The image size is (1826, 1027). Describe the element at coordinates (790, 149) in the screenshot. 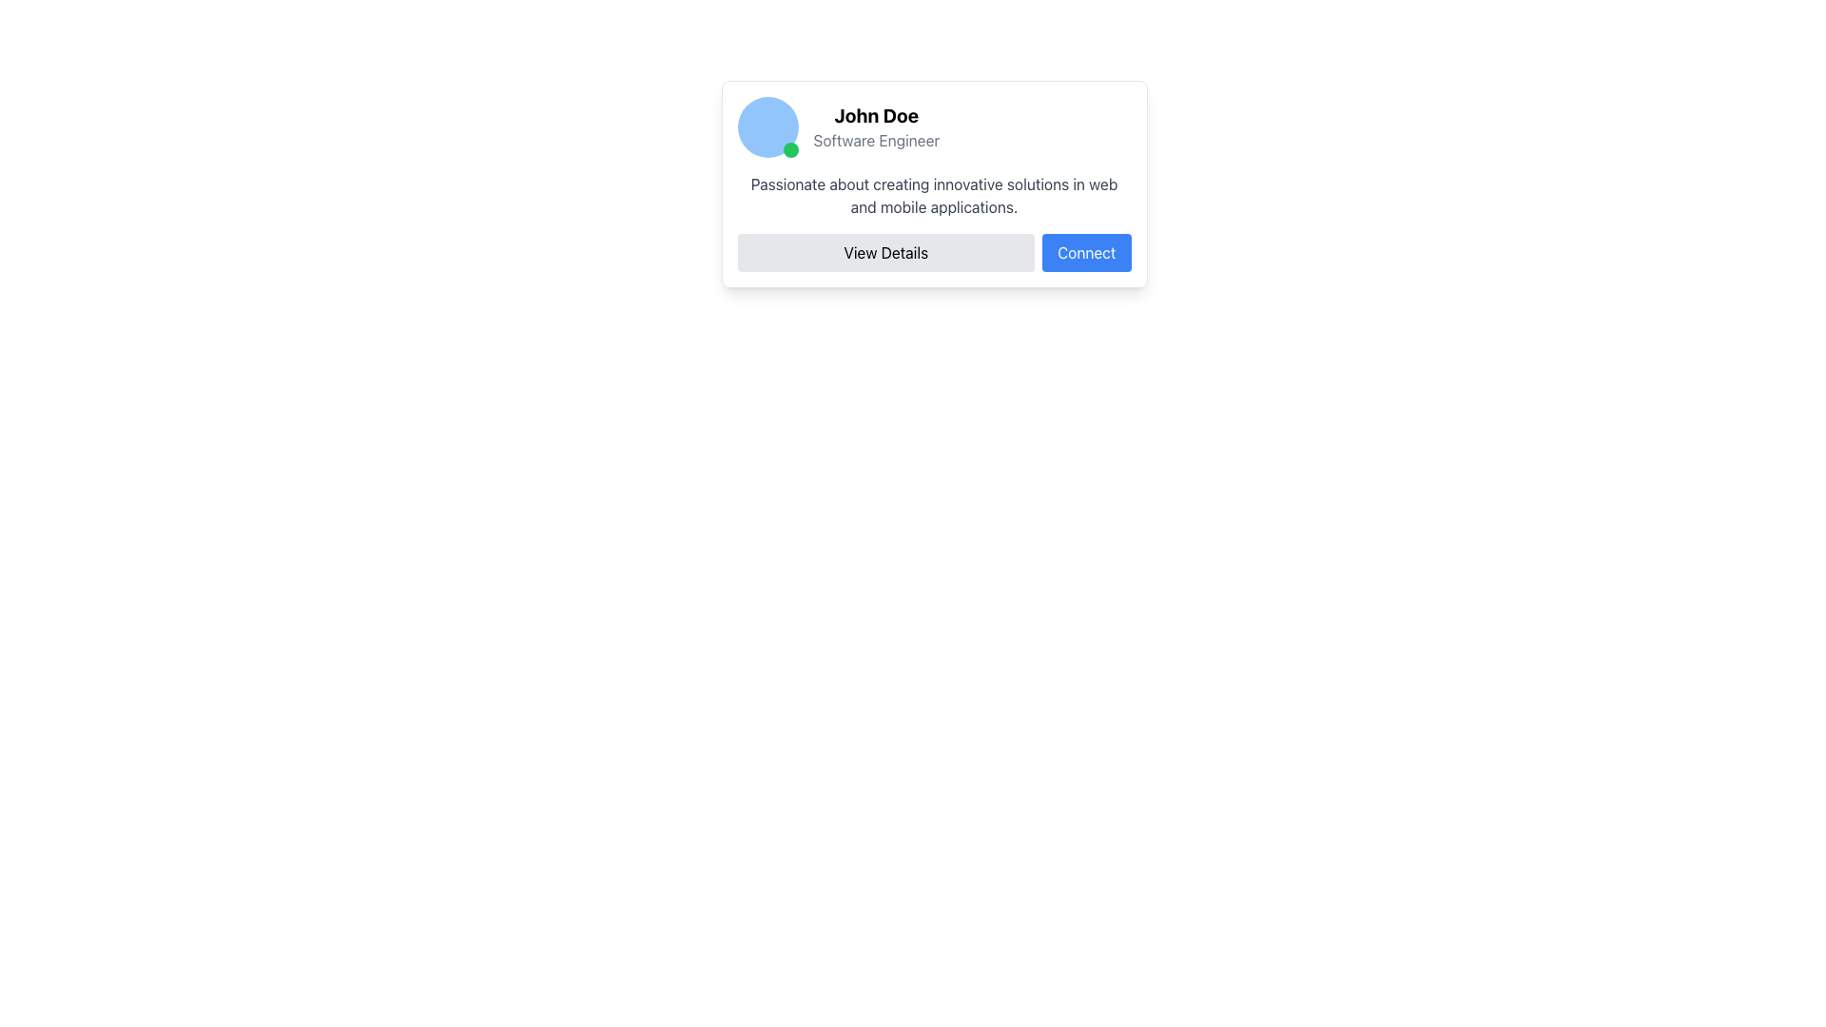

I see `the small, circular, green-colored status indicator located at the bottom-right corner of the larger circular blue element` at that location.